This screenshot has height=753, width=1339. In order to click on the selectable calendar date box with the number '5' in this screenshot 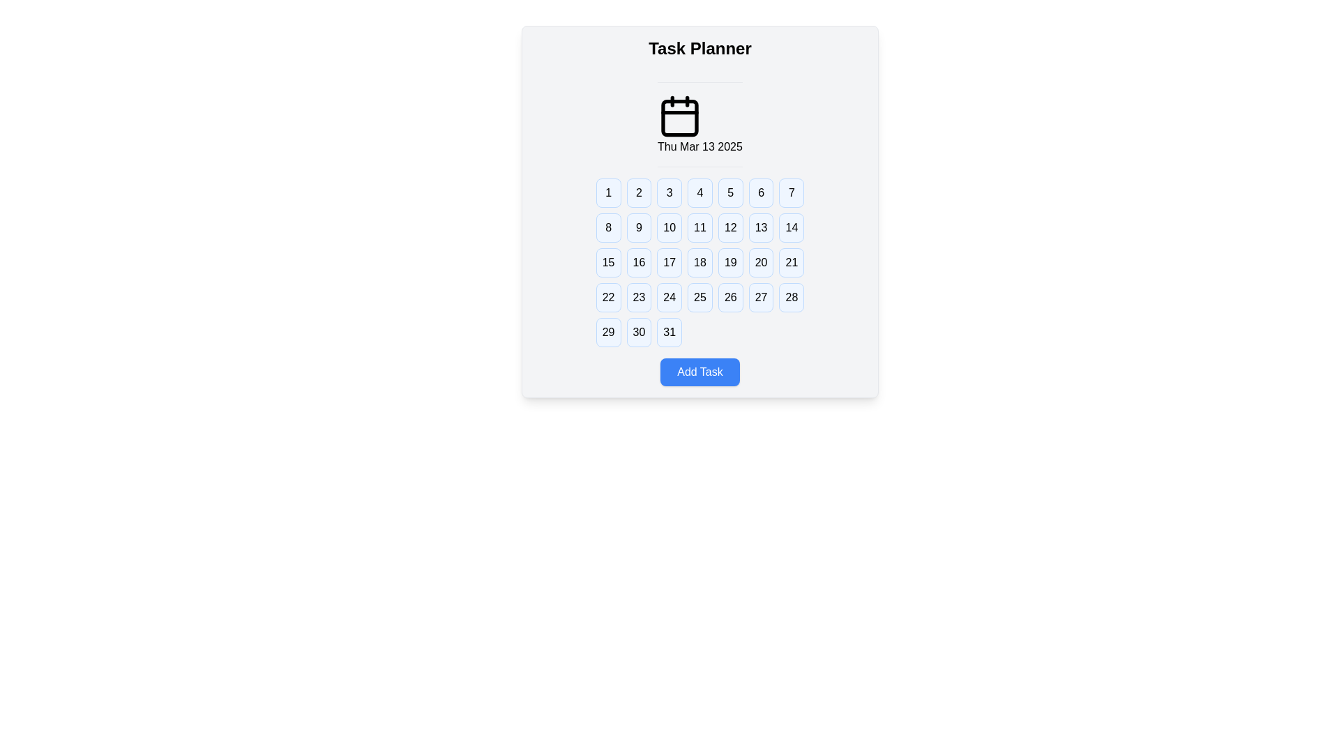, I will do `click(729, 193)`.